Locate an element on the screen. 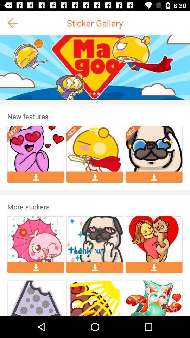  the first row second image is located at coordinates (95, 149).